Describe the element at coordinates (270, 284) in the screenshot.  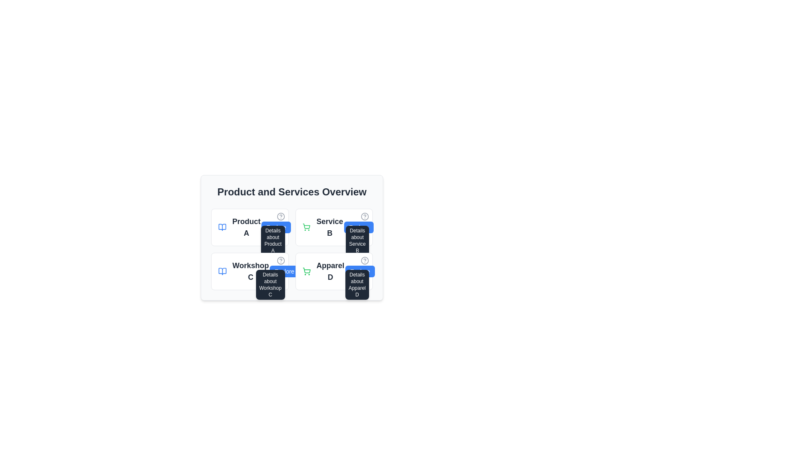
I see `the informational tooltip that provides details related to 'Workshop C', positioned below and slightly to the left of the associated question mark icon` at that location.